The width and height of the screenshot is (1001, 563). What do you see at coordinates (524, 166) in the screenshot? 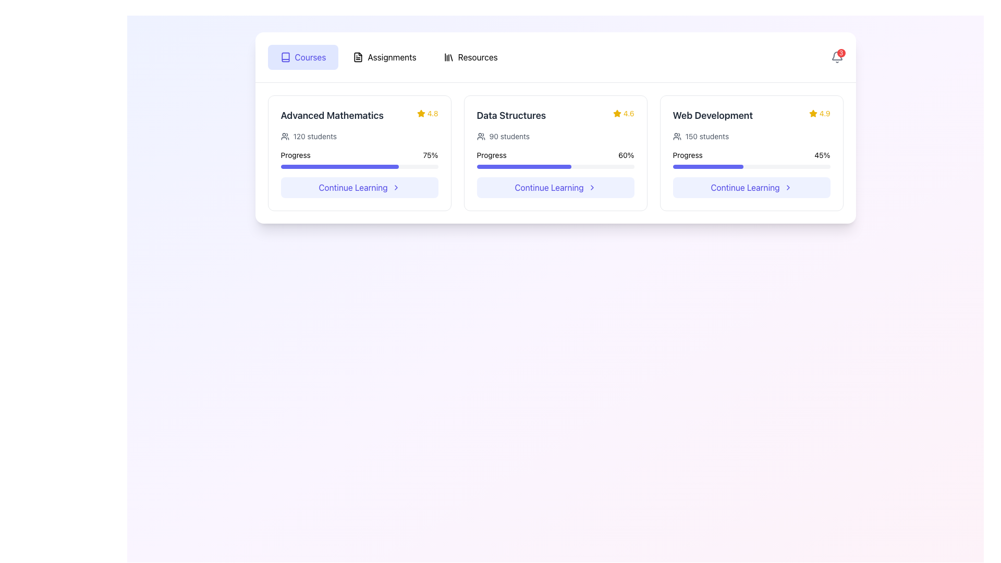
I see `the indigo progress bar segment indicating 60% progress for the middle course card in the 'Data Structures' section` at bounding box center [524, 166].